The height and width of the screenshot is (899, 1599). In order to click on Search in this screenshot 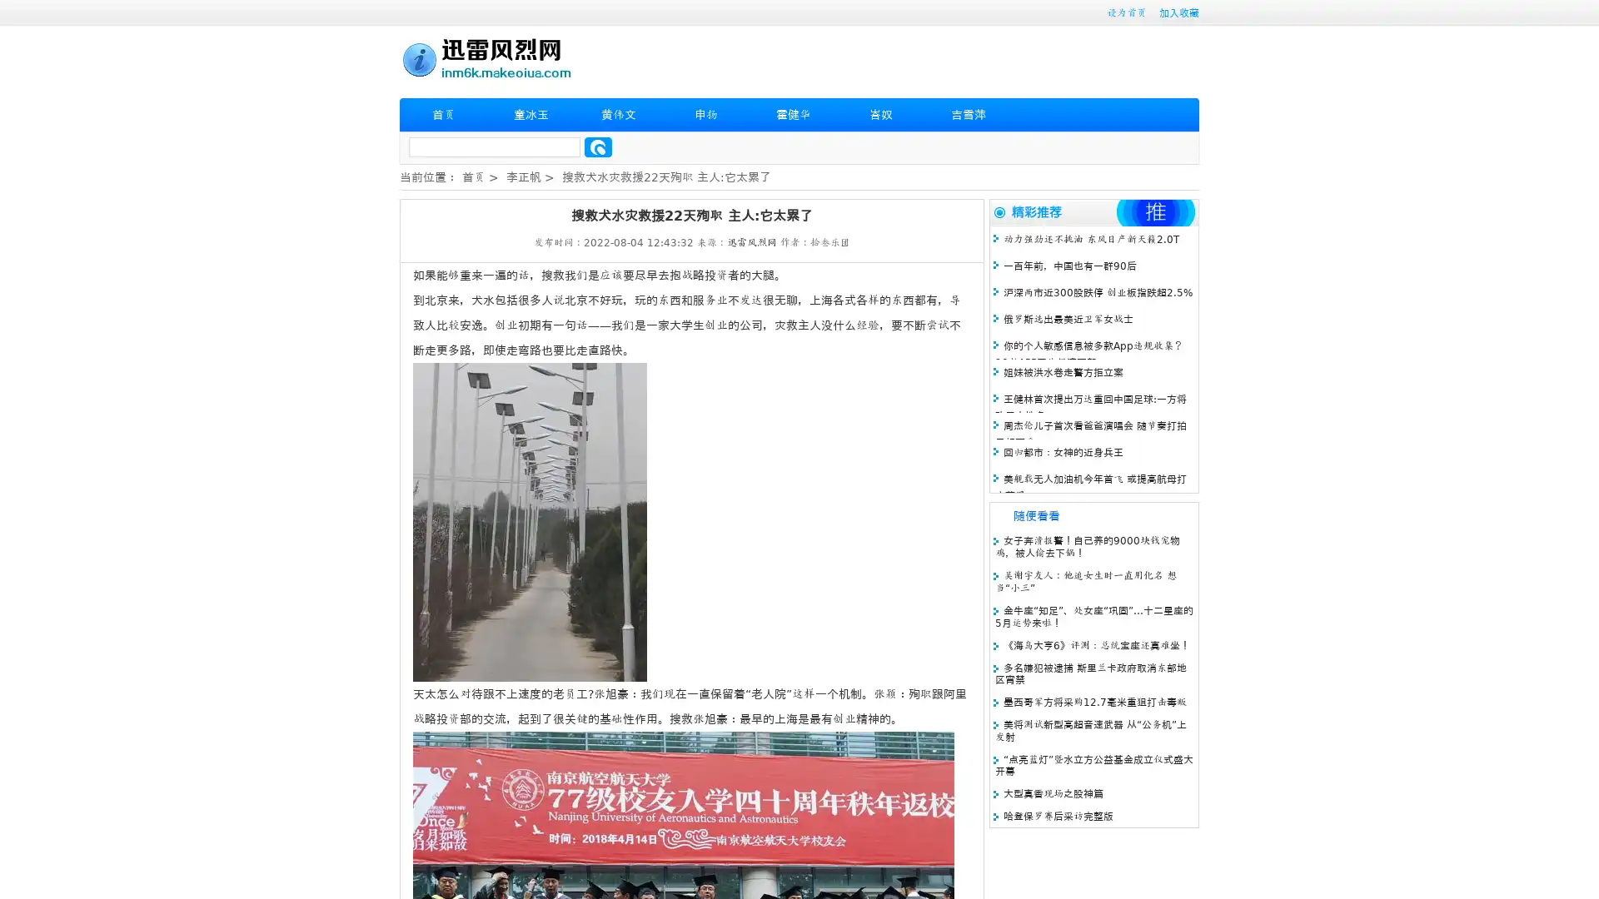, I will do `click(598, 147)`.